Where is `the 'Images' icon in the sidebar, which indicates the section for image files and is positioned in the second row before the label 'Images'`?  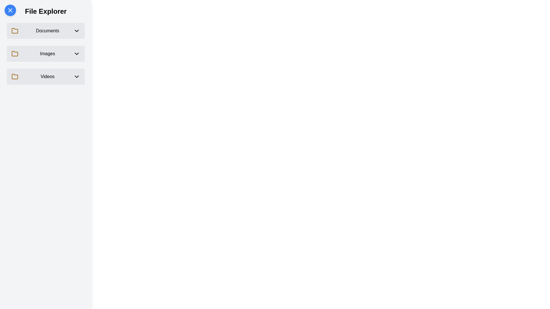 the 'Images' icon in the sidebar, which indicates the section for image files and is positioned in the second row before the label 'Images' is located at coordinates (15, 54).